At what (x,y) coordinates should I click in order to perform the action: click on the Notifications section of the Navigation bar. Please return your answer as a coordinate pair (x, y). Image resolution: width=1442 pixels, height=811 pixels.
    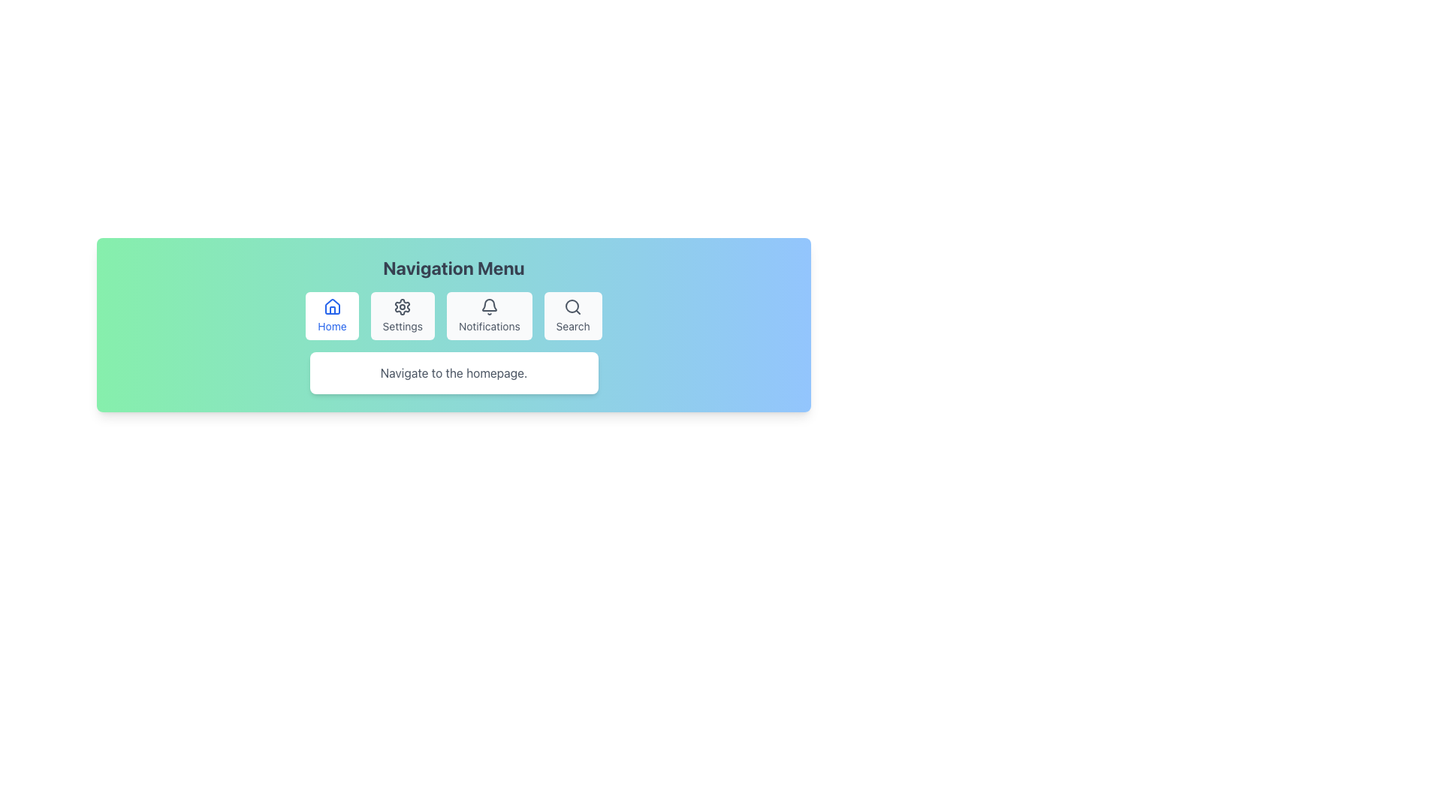
    Looking at the image, I should click on (453, 315).